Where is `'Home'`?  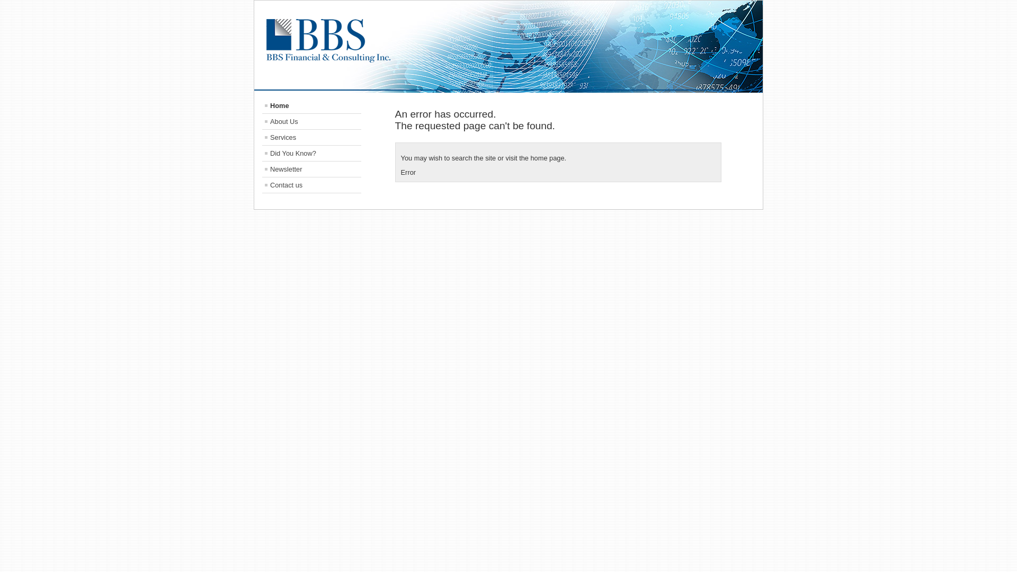
'Home' is located at coordinates (311, 105).